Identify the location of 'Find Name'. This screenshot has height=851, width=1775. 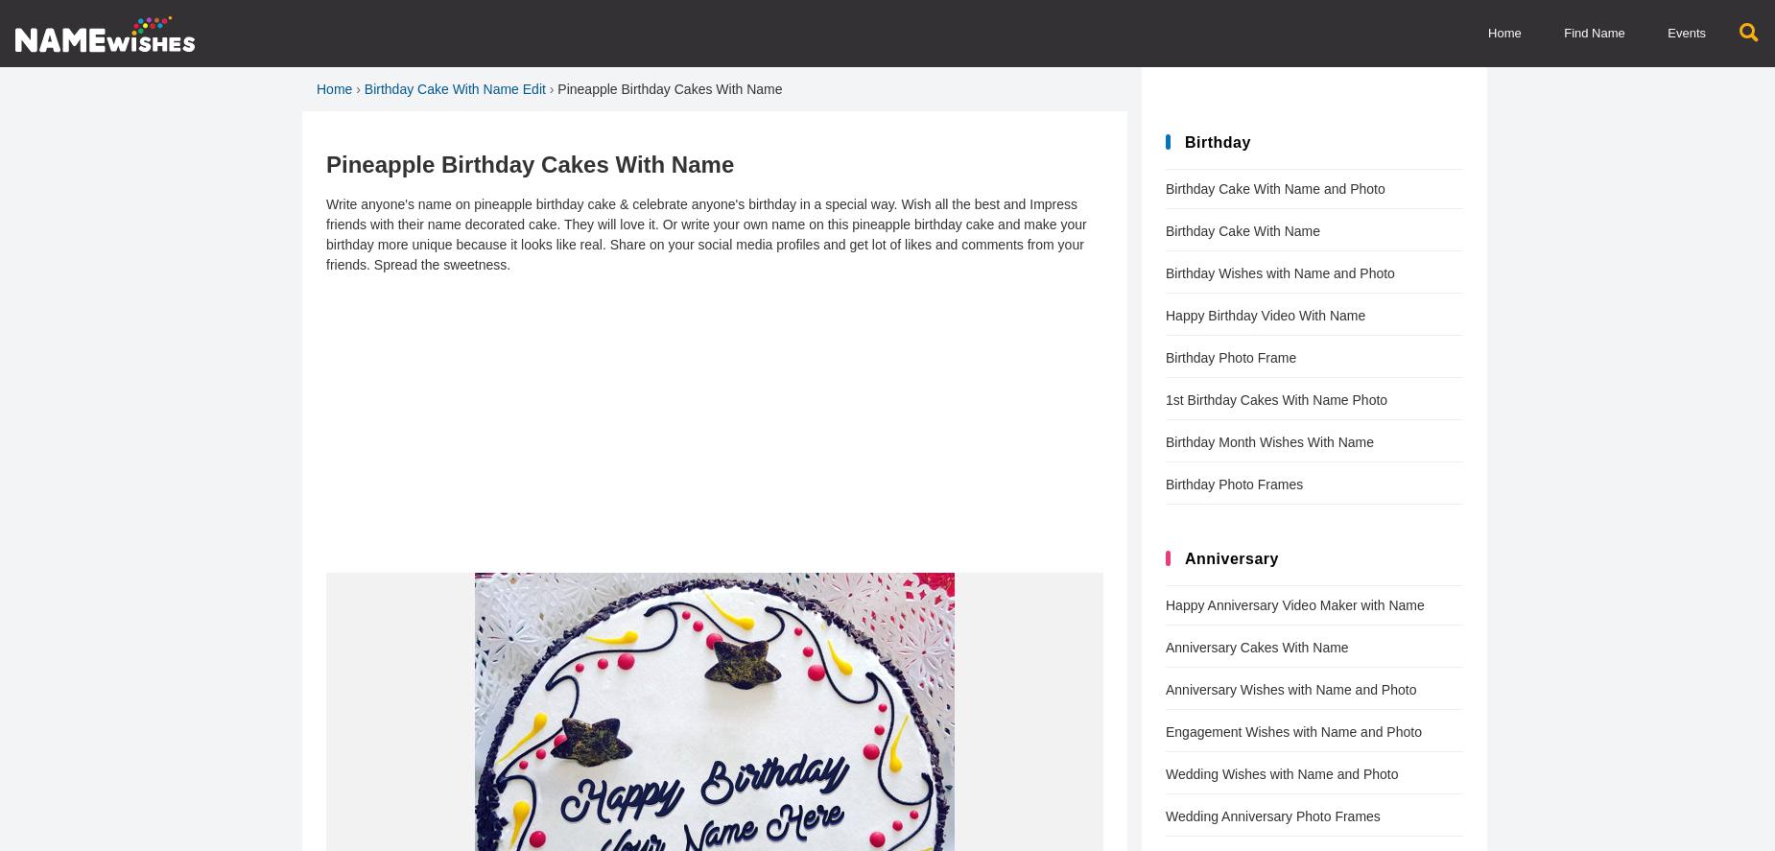
(1564, 33).